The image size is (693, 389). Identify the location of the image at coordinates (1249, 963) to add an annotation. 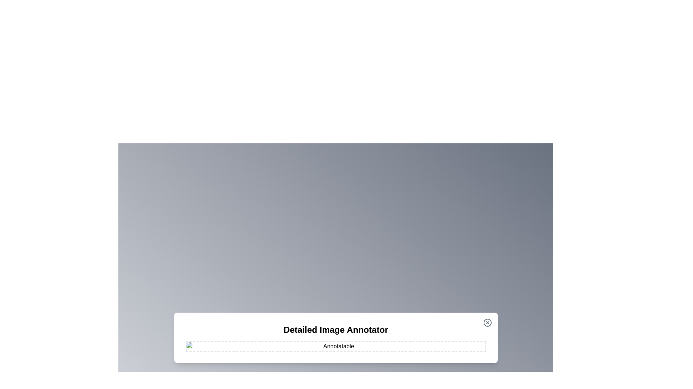
(450, 346).